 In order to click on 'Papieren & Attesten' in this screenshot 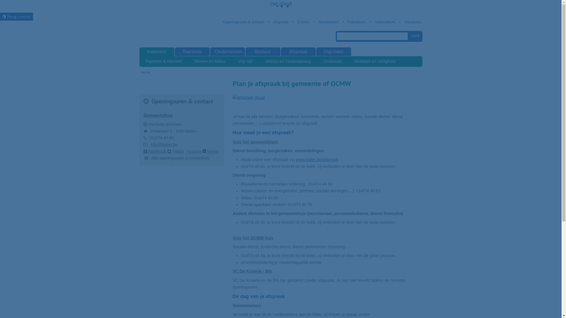, I will do `click(164, 61)`.